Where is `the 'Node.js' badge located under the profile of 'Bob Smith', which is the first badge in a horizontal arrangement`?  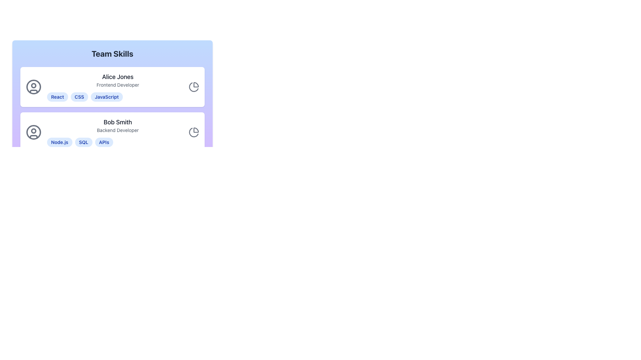
the 'Node.js' badge located under the profile of 'Bob Smith', which is the first badge in a horizontal arrangement is located at coordinates (59, 142).